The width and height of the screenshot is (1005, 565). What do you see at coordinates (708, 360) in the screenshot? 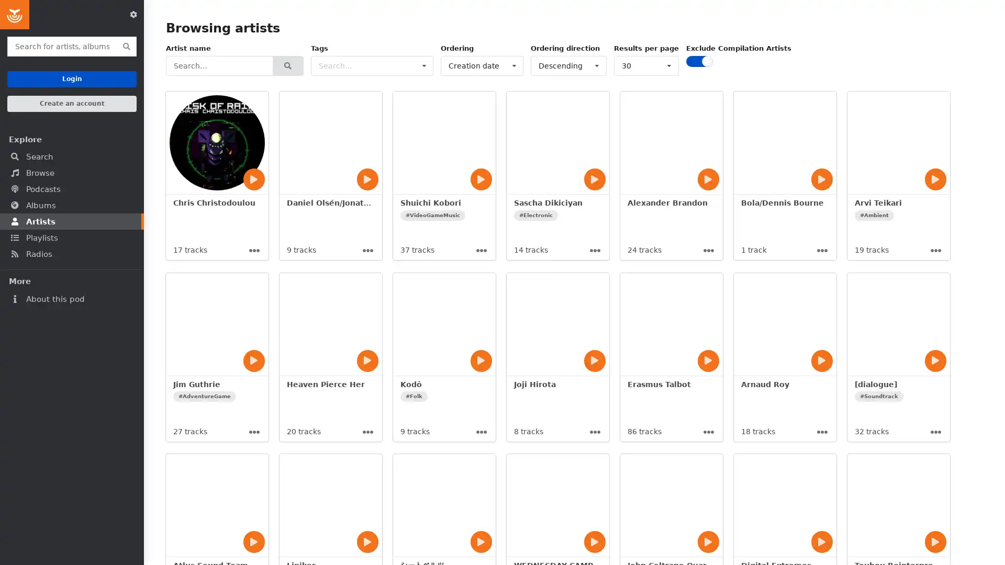
I see `Play artist` at bounding box center [708, 360].